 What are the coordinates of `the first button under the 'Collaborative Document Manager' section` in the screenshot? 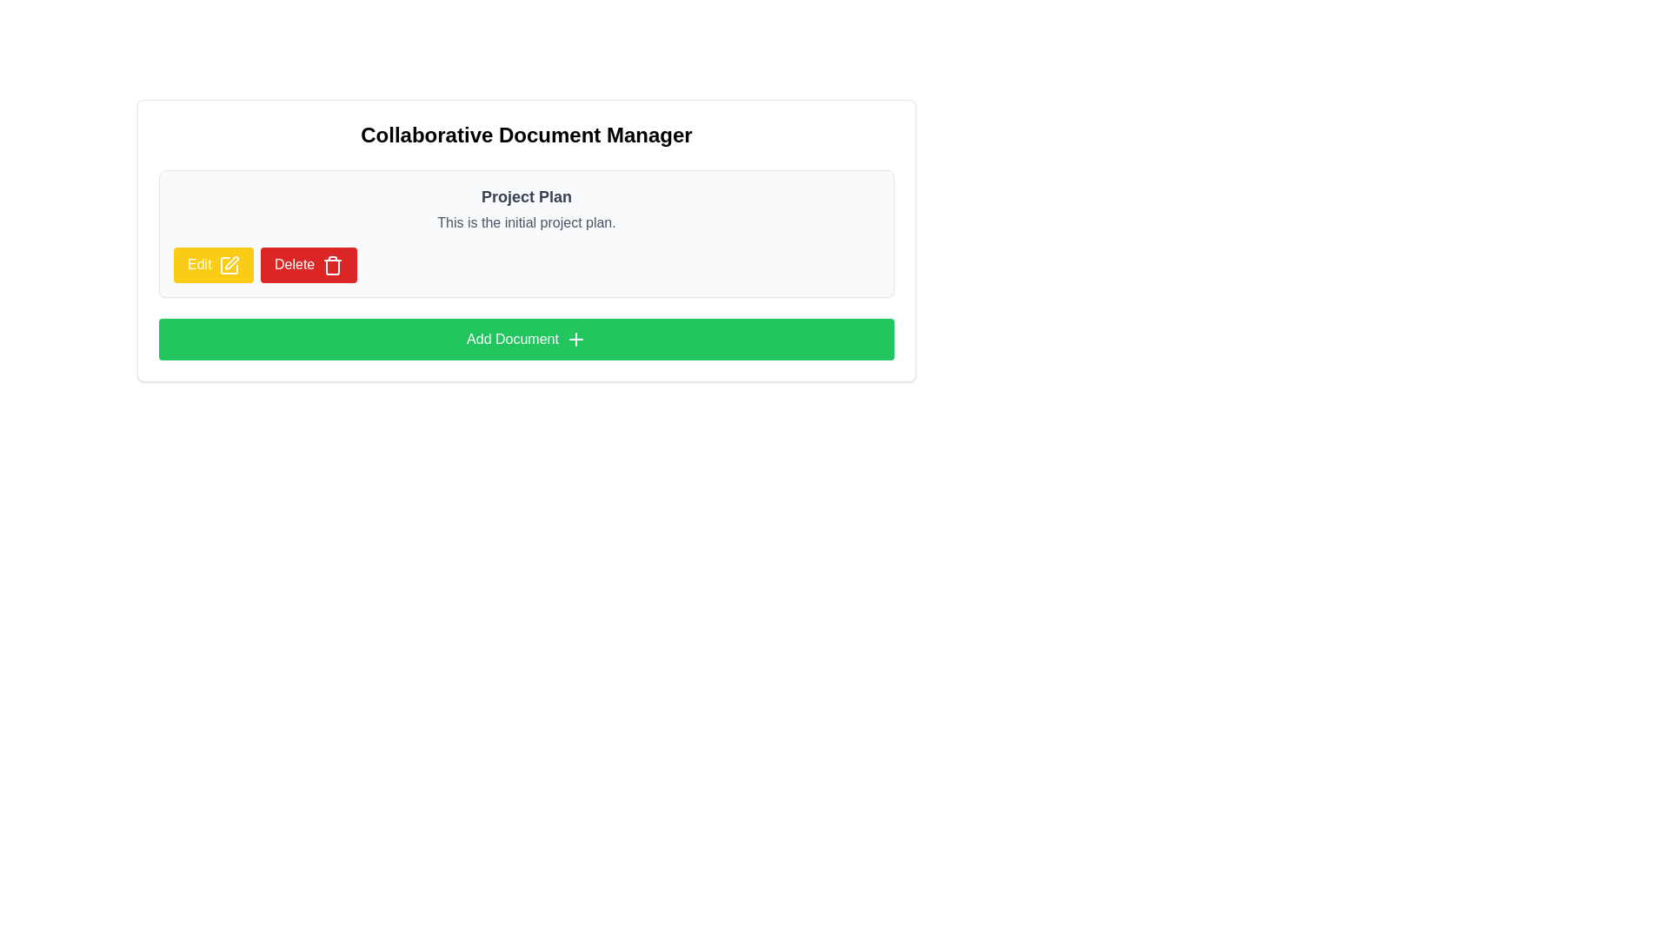 It's located at (212, 265).